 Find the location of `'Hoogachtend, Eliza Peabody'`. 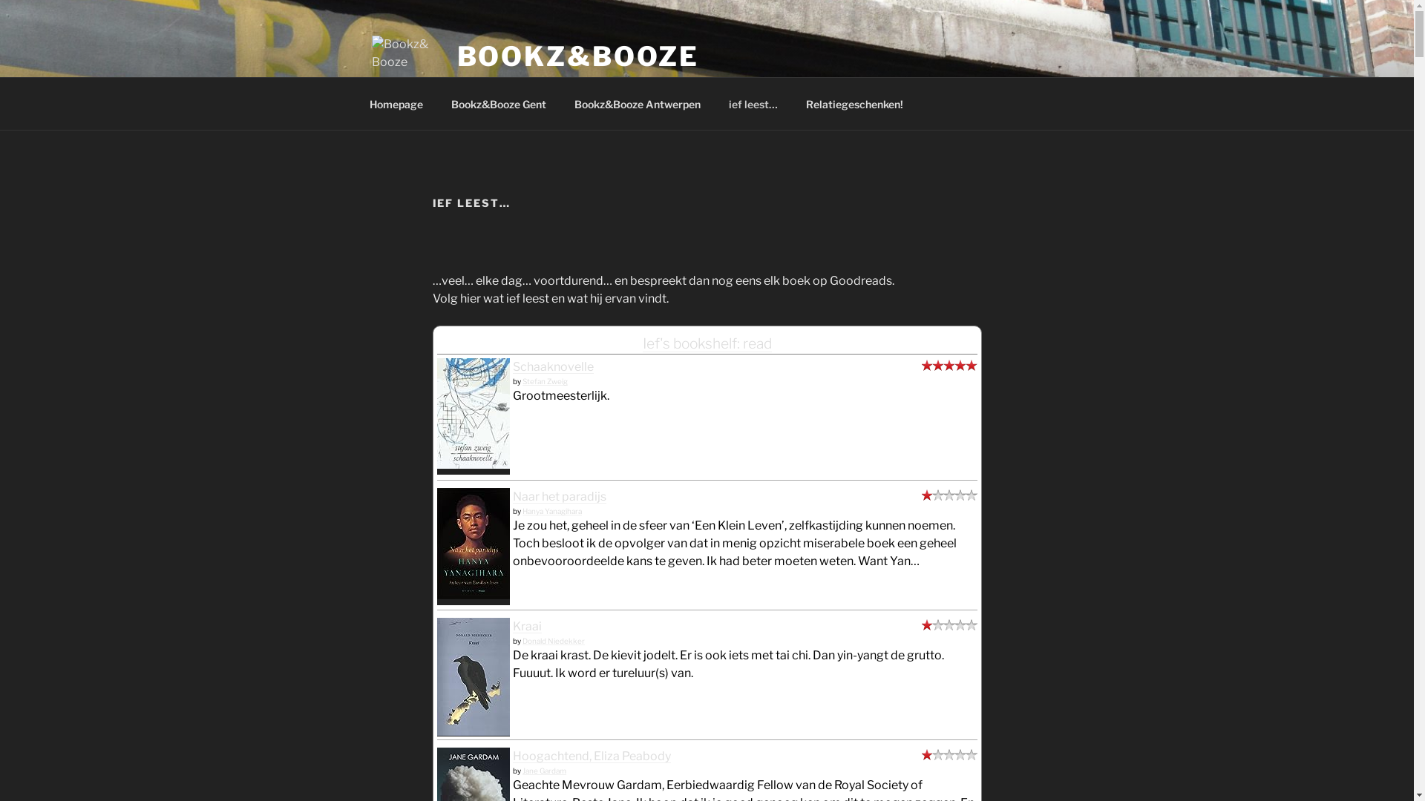

'Hoogachtend, Eliza Peabody' is located at coordinates (512, 756).